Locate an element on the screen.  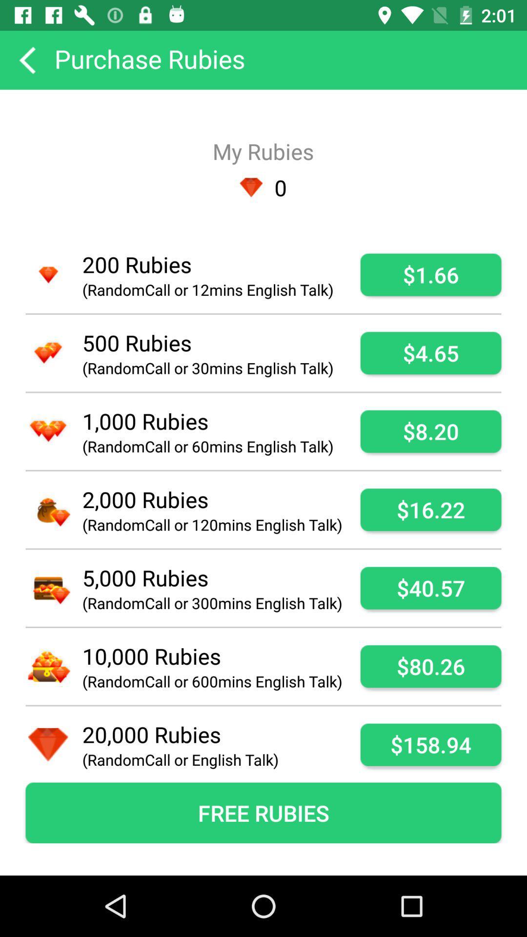
go back is located at coordinates (26, 60).